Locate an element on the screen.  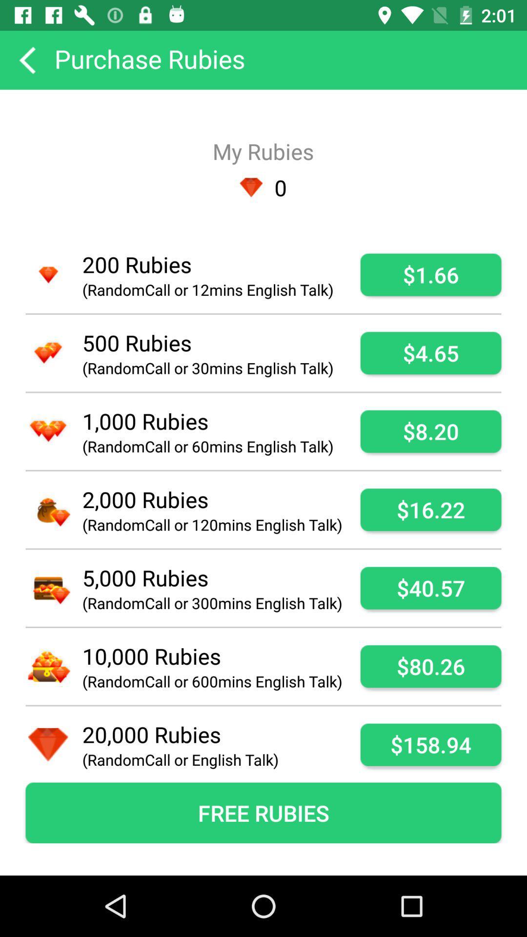
go back is located at coordinates (26, 60).